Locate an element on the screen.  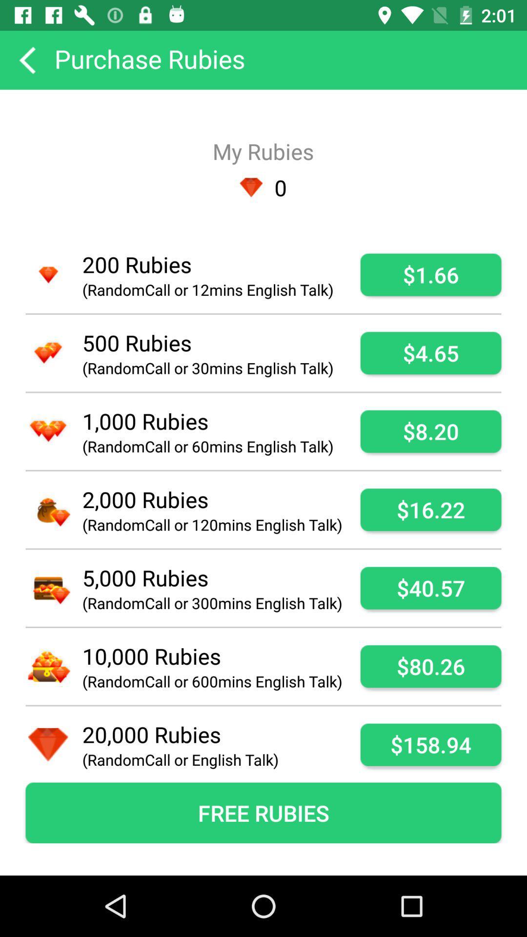
go back is located at coordinates (26, 60).